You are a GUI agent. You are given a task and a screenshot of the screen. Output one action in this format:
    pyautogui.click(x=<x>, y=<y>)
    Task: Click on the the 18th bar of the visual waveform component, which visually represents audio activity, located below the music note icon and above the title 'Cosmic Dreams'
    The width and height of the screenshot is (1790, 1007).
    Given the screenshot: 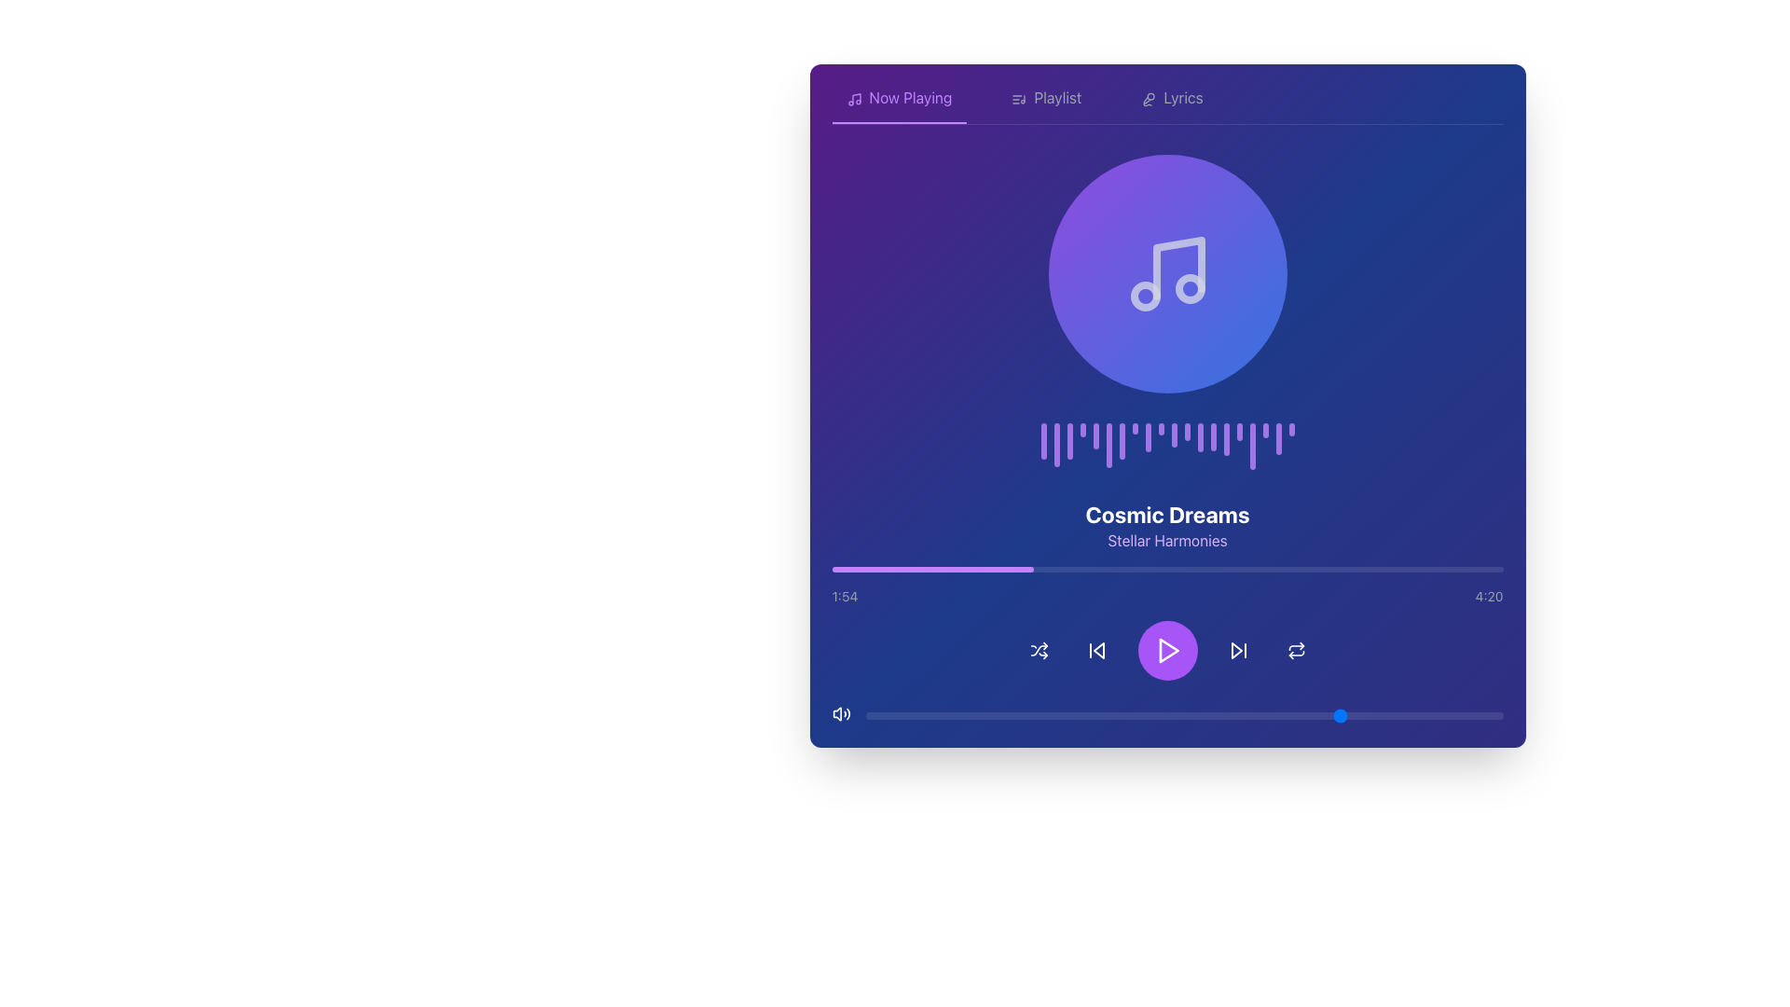 What is the action you would take?
    pyautogui.click(x=1265, y=430)
    